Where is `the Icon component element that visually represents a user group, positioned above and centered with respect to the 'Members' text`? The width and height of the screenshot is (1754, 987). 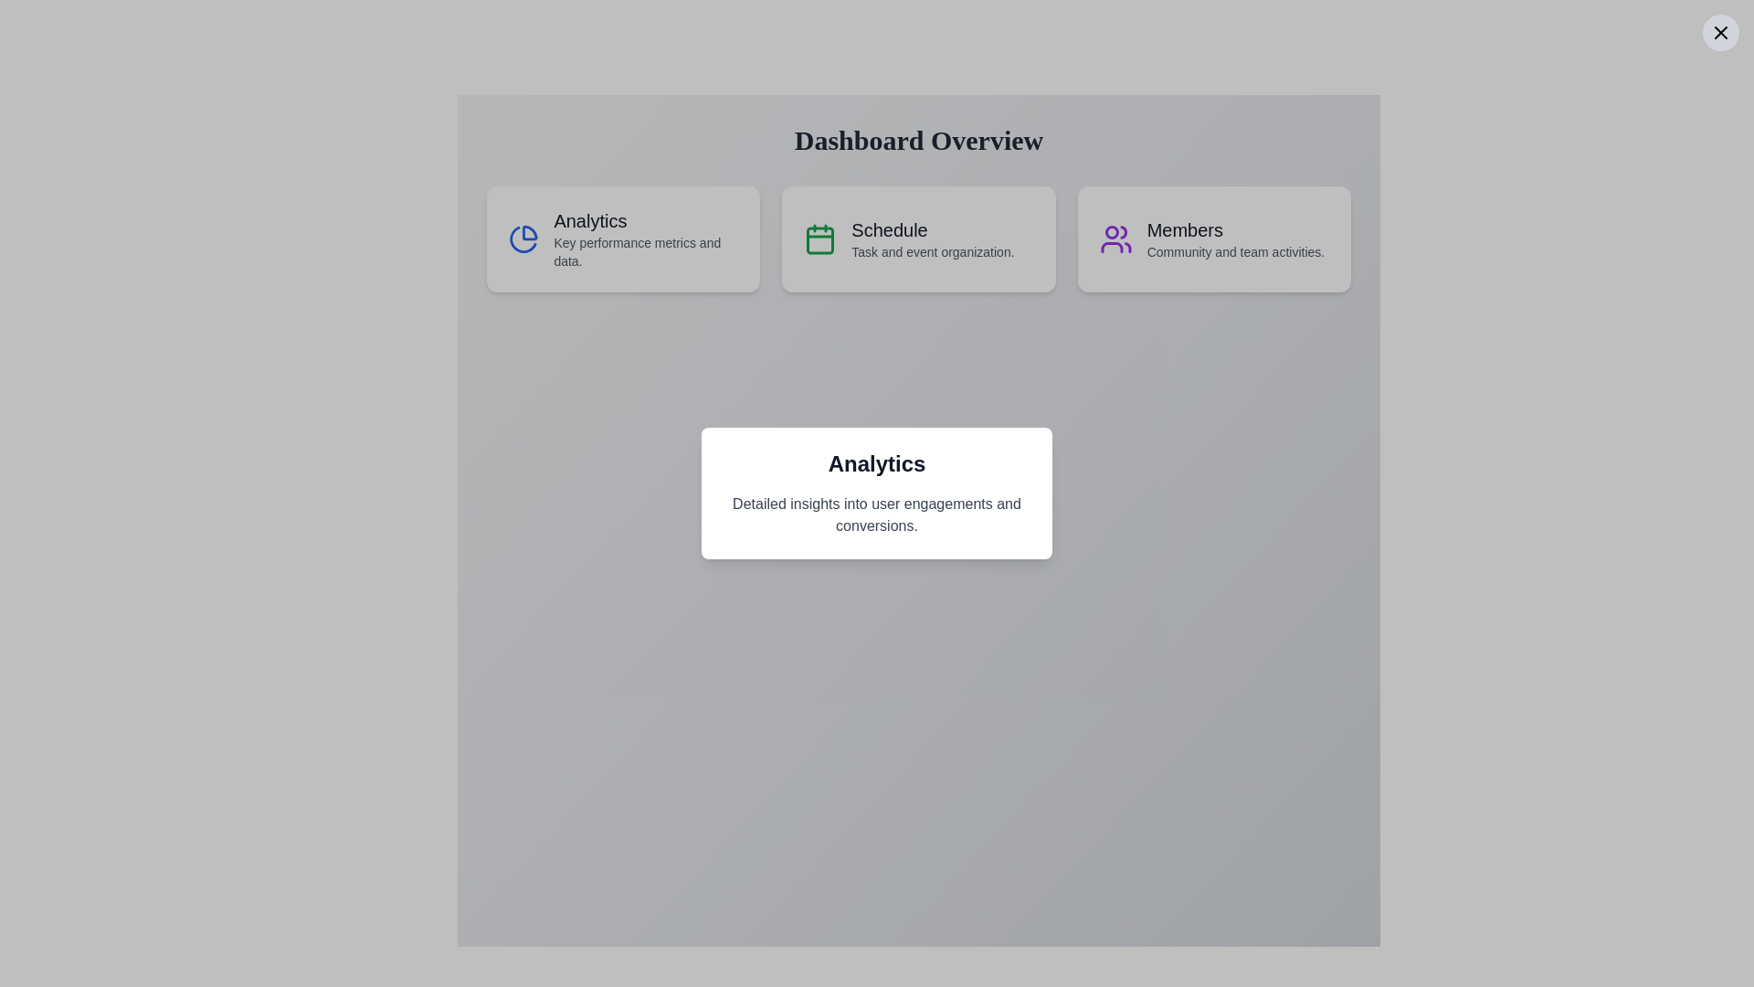 the Icon component element that visually represents a user group, positioned above and centered with respect to the 'Members' text is located at coordinates (1122, 231).